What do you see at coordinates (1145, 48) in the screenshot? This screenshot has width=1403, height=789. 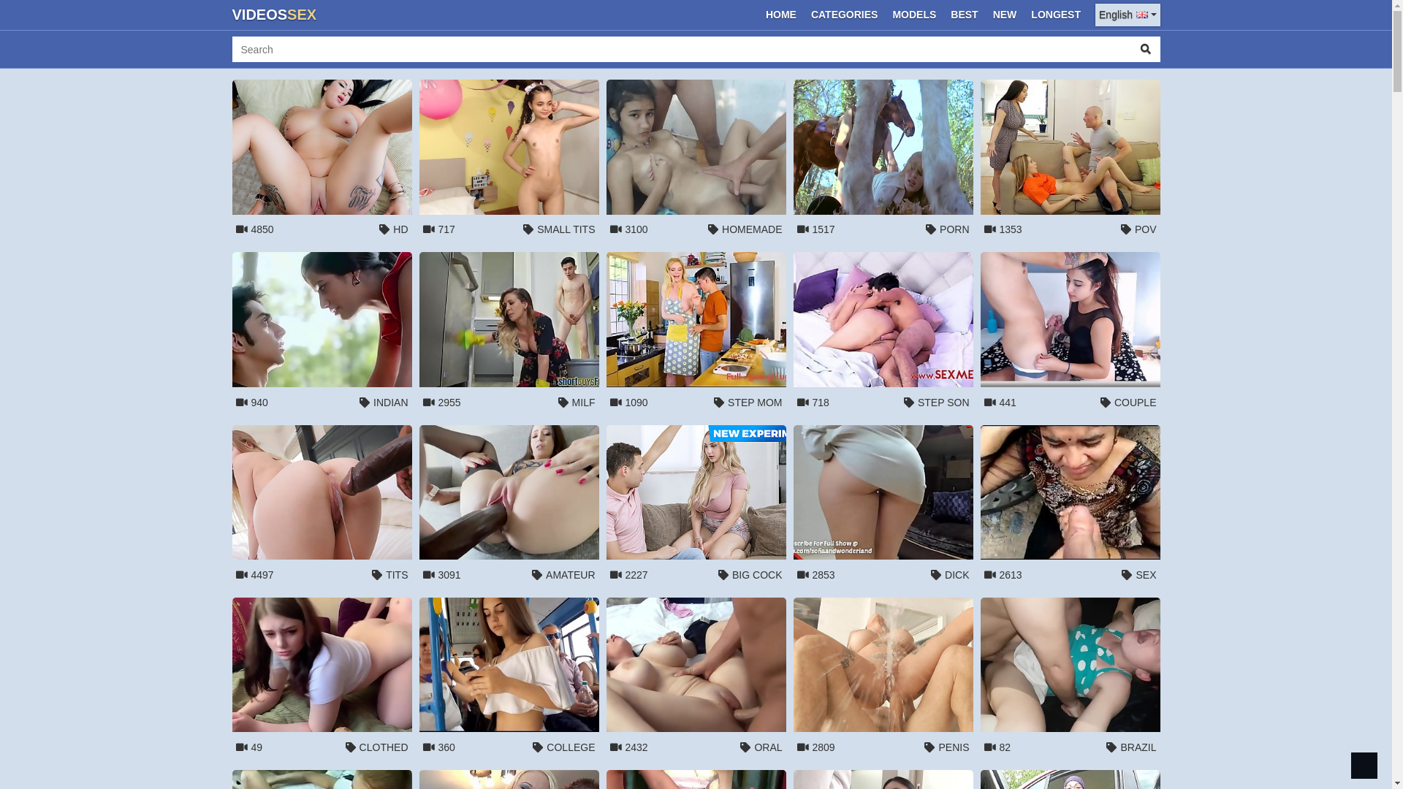 I see `'Search'` at bounding box center [1145, 48].